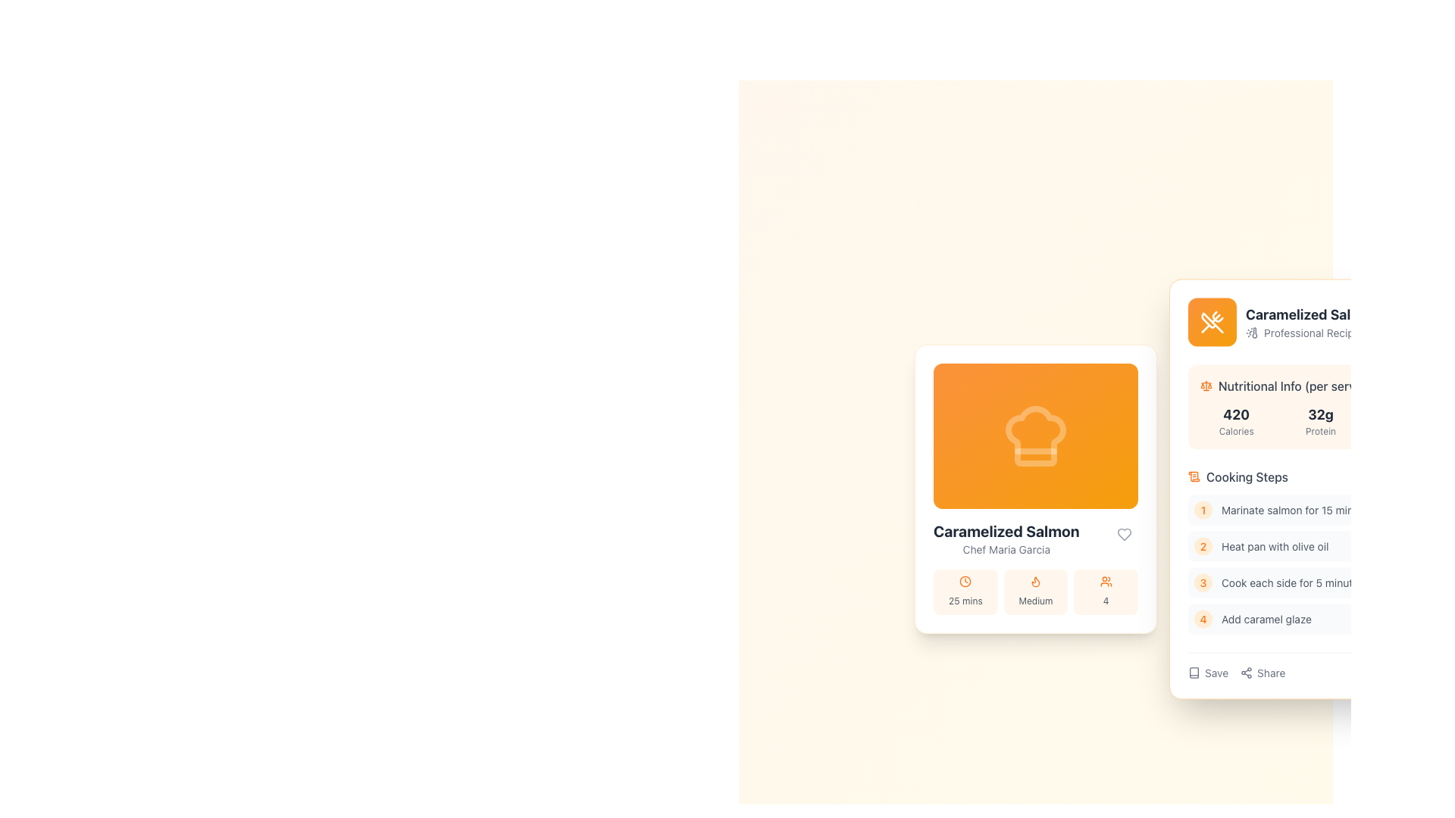 The image size is (1455, 818). I want to click on the first step in the cooking instructions list, which is positioned under the 'Cooking Steps' heading, so click(1319, 509).